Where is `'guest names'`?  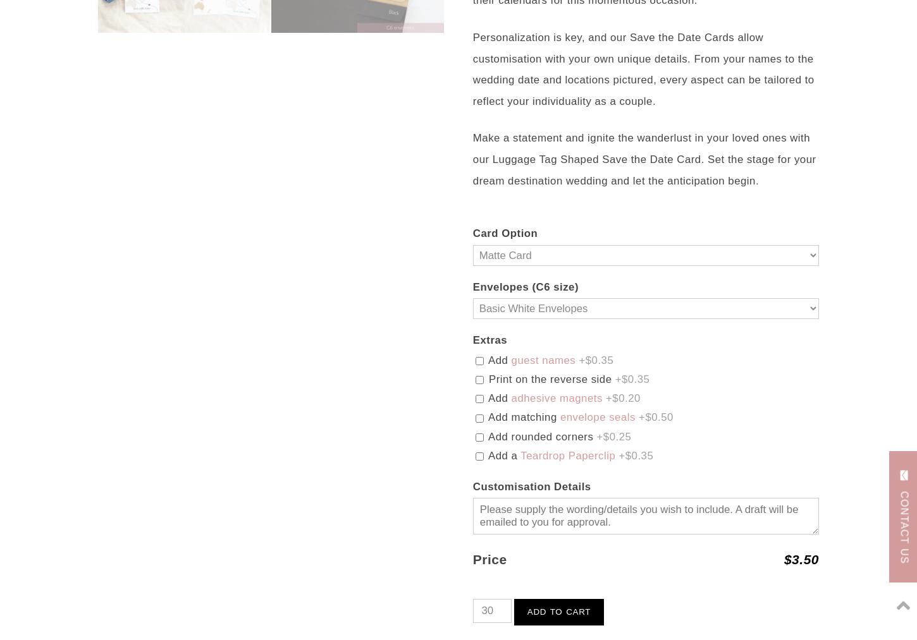
'guest names' is located at coordinates (542, 359).